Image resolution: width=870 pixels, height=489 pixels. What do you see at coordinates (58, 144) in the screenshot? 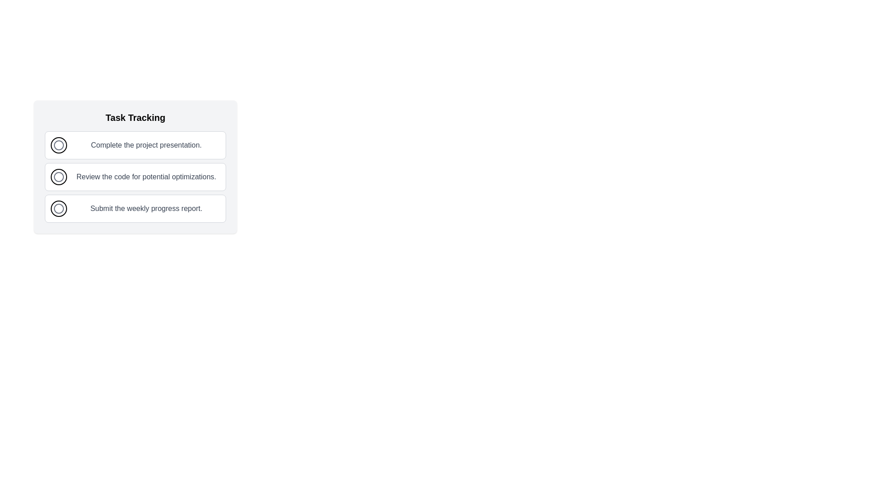
I see `the circular indicator icon located inside the first list item of the 'Task Tracking' section, horizontally aligned with the text 'Complete the project presentation.'` at bounding box center [58, 144].